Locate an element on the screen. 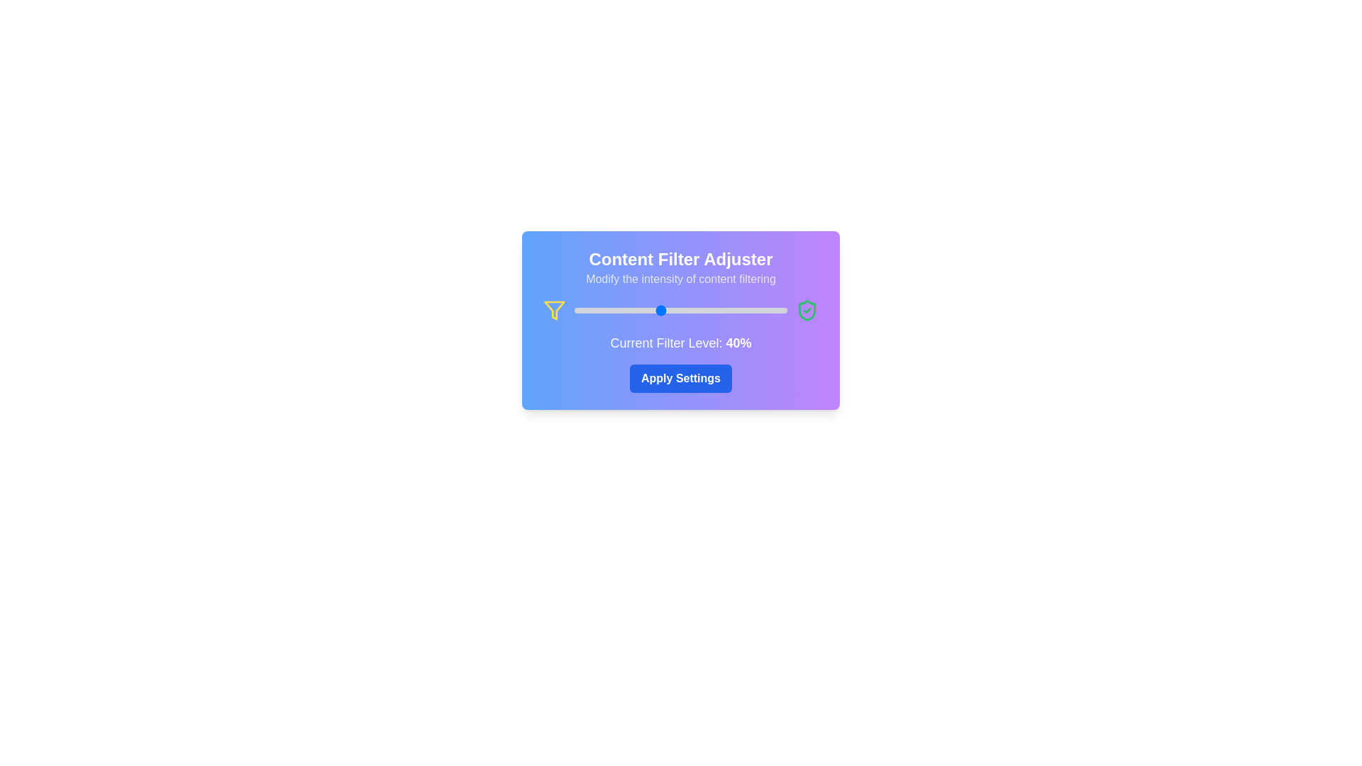 The height and width of the screenshot is (766, 1362). the content filter level to 67% by dragging the slider is located at coordinates (717, 310).